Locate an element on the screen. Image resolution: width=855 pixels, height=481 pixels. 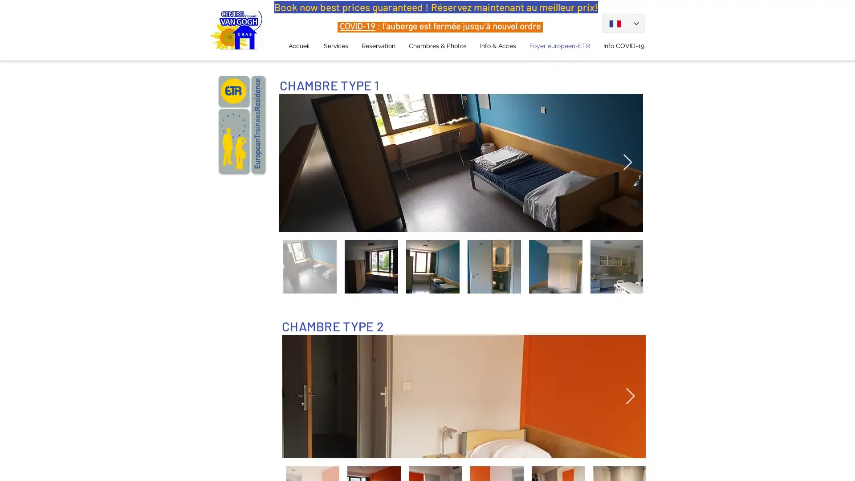
Next Item is located at coordinates (630, 395).